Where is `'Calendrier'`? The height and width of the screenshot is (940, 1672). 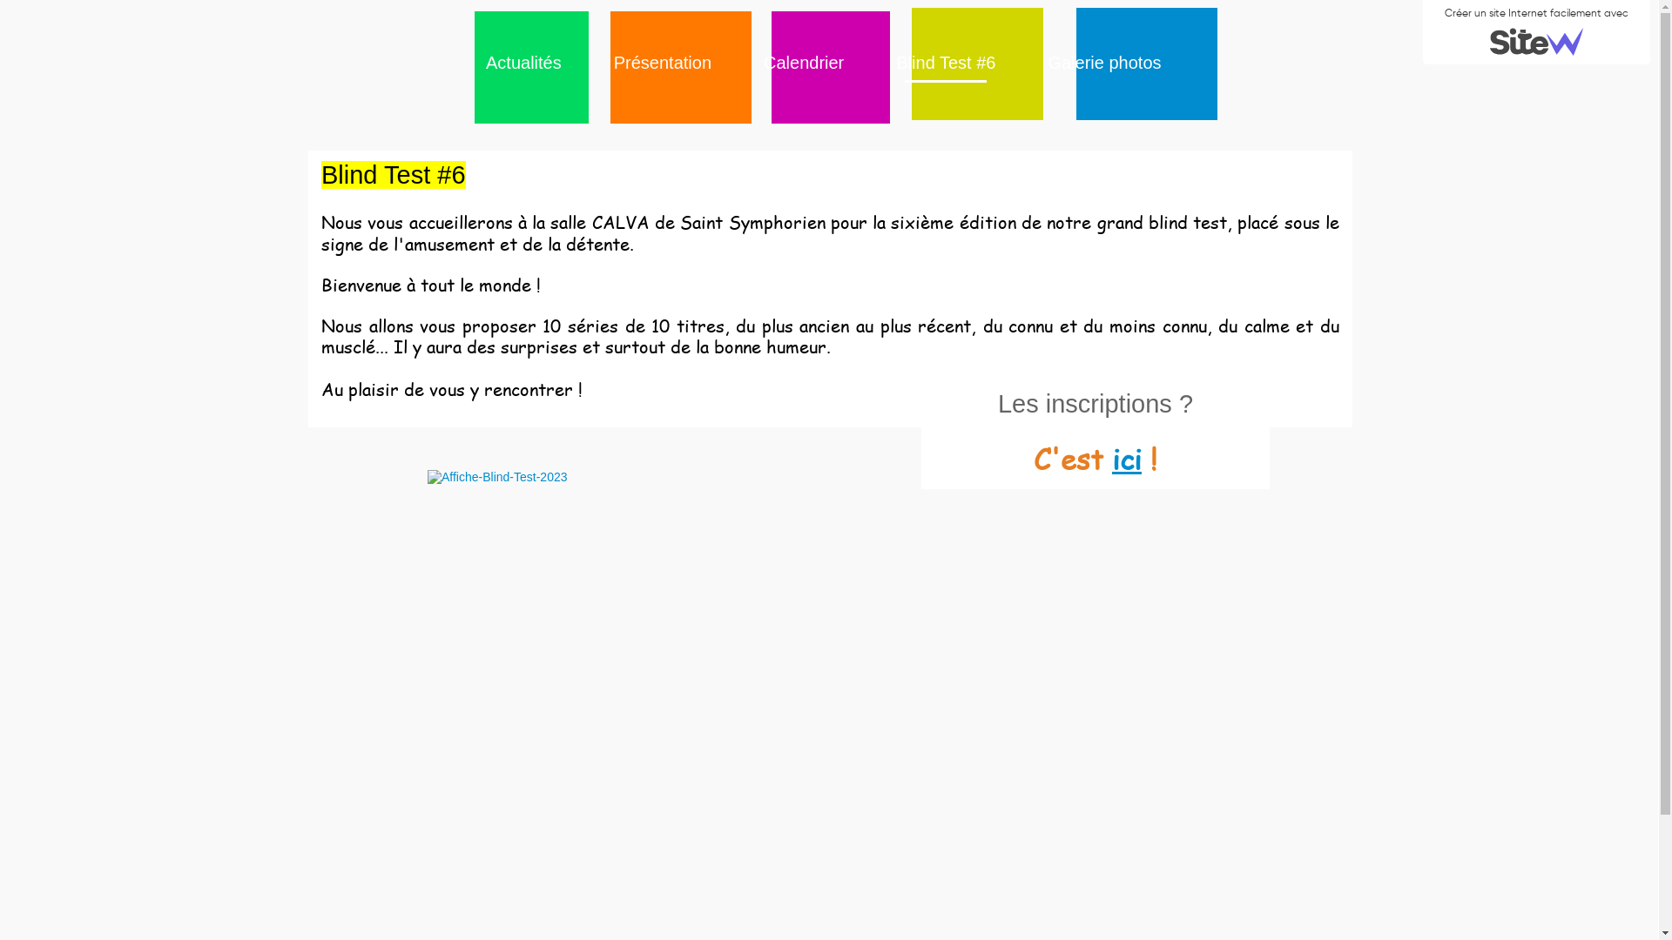
'Calendrier' is located at coordinates (755, 62).